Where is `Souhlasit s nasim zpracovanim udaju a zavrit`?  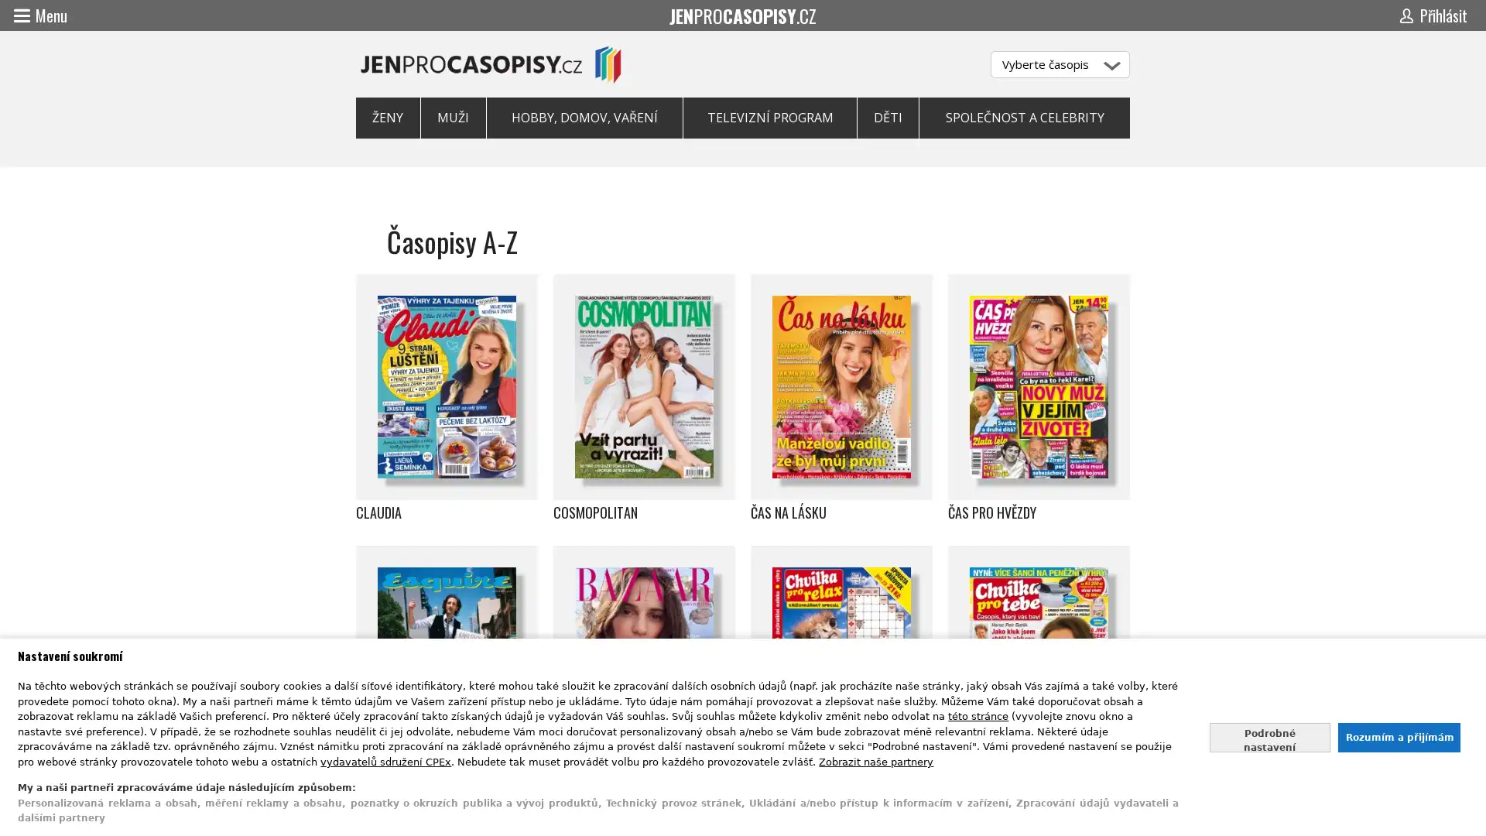 Souhlasit s nasim zpracovanim udaju a zavrit is located at coordinates (1398, 736).